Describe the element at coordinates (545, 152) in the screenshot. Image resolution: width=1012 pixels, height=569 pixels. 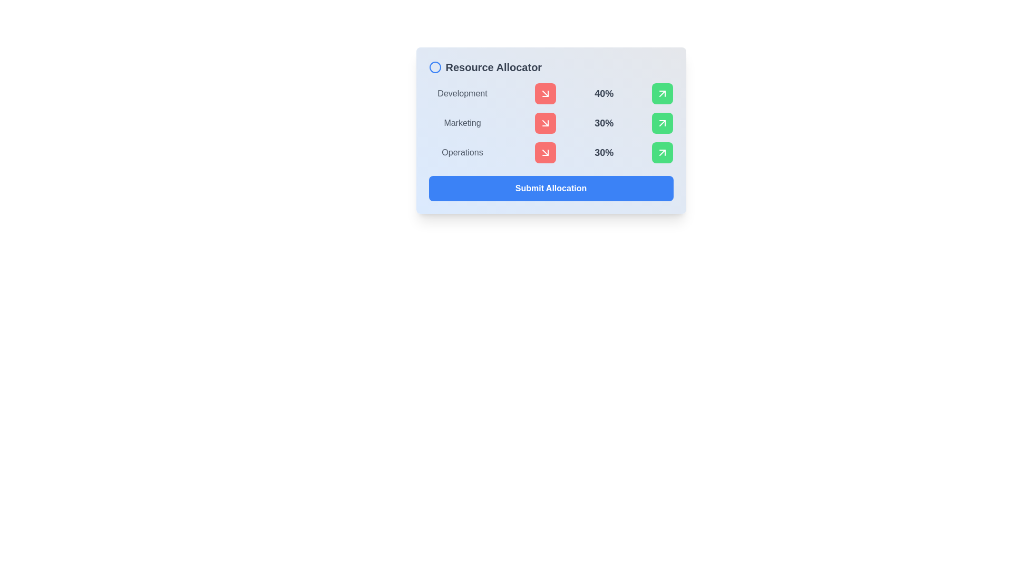
I see `the downward and rightward direction icon inside the red circular button in the 'Operations' row of the resource allocation form` at that location.